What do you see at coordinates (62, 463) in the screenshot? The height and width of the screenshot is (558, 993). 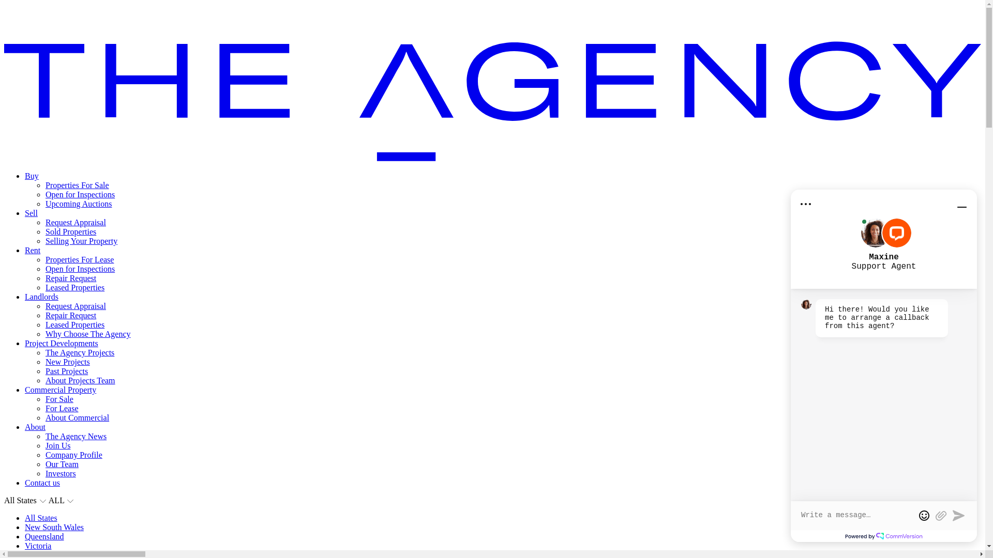 I see `'Our Team'` at bounding box center [62, 463].